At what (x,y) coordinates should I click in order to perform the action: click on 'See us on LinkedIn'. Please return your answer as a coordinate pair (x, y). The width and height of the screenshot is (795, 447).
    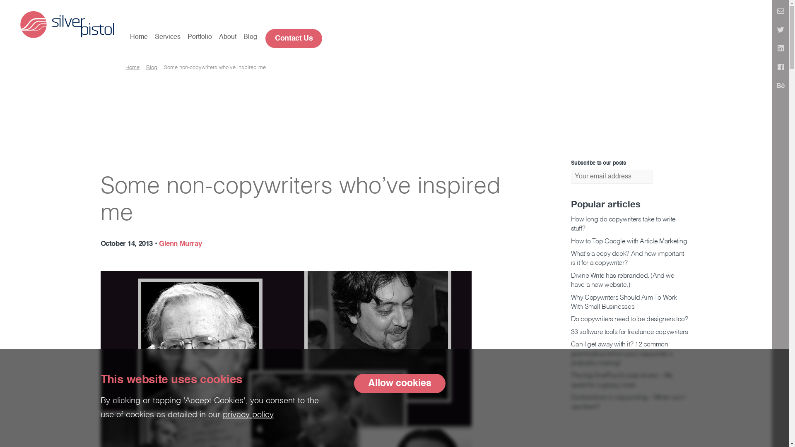
    Looking at the image, I should click on (780, 49).